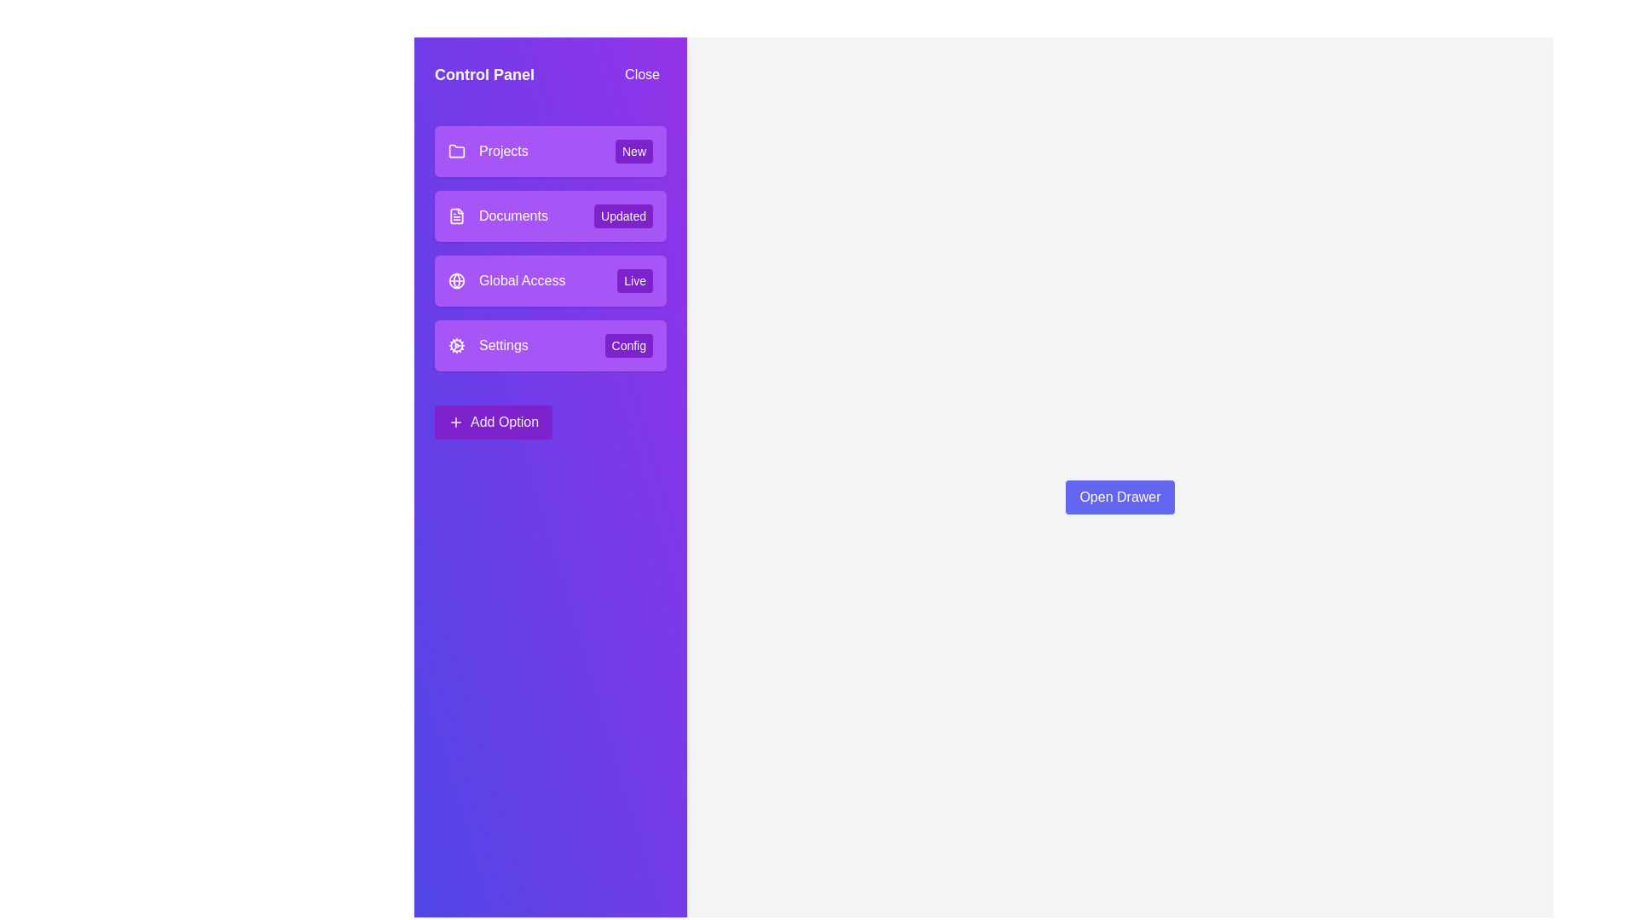 The width and height of the screenshot is (1637, 920). What do you see at coordinates (493, 422) in the screenshot?
I see `the 'Add Option' button to add a new option` at bounding box center [493, 422].